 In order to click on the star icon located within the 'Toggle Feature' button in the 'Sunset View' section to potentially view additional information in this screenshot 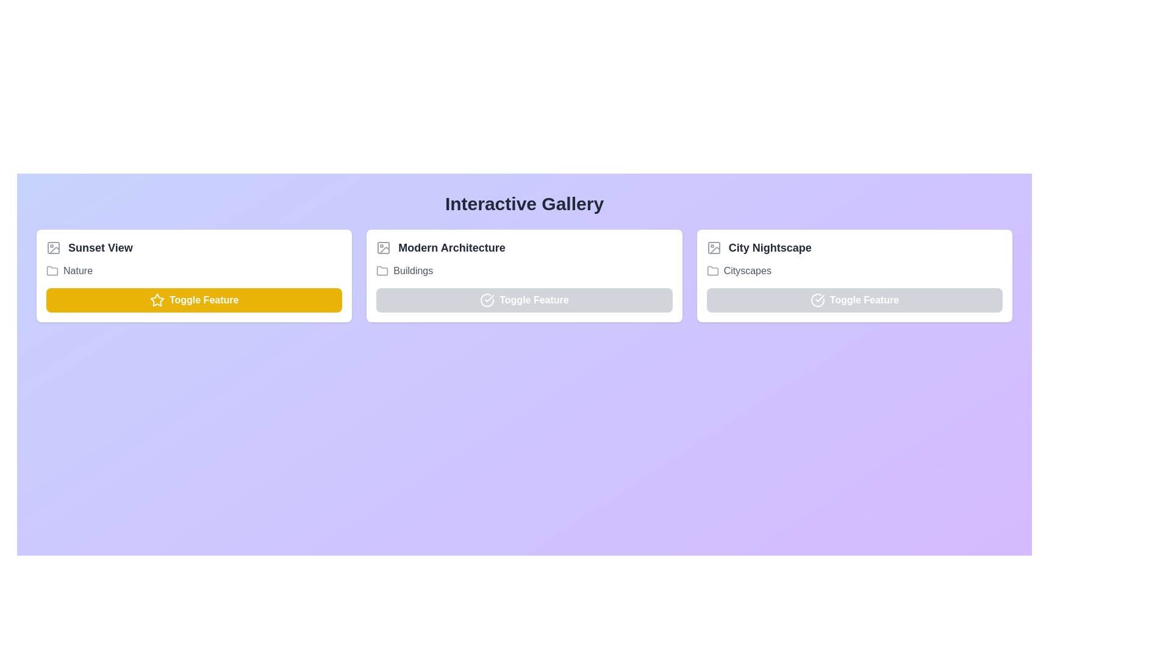, I will do `click(156, 300)`.